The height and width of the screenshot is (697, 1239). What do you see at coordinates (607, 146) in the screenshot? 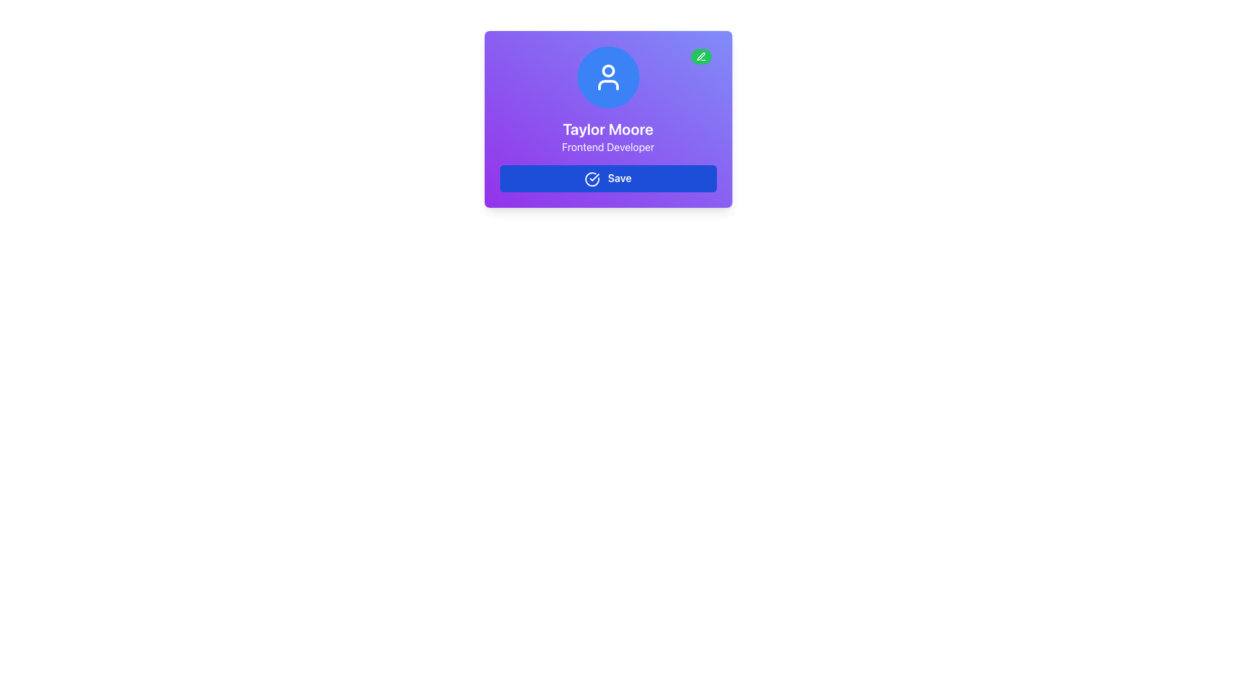
I see `the Static Text element displaying 'Frontend Developer' which is positioned beneath 'Taylor Moore' in the card interface` at bounding box center [607, 146].